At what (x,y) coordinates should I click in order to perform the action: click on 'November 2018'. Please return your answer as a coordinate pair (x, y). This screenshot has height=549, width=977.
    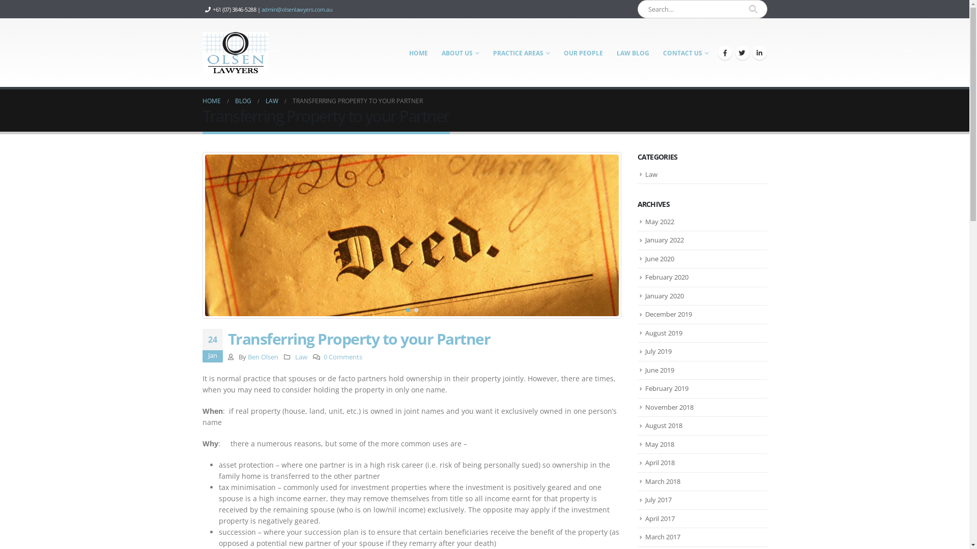
    Looking at the image, I should click on (669, 407).